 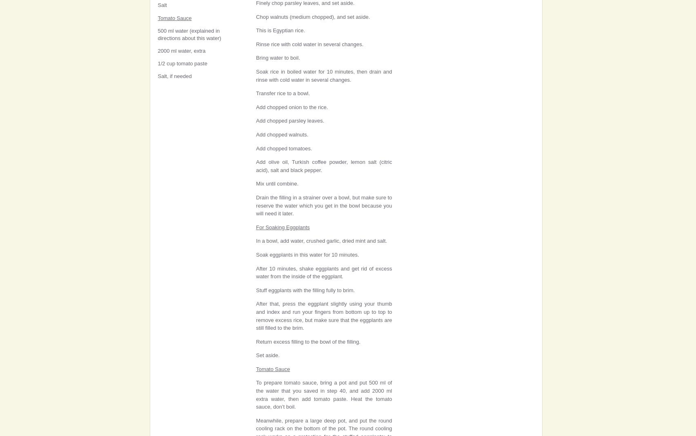 I want to click on 'Add chopped parsley leaves.', so click(x=290, y=121).